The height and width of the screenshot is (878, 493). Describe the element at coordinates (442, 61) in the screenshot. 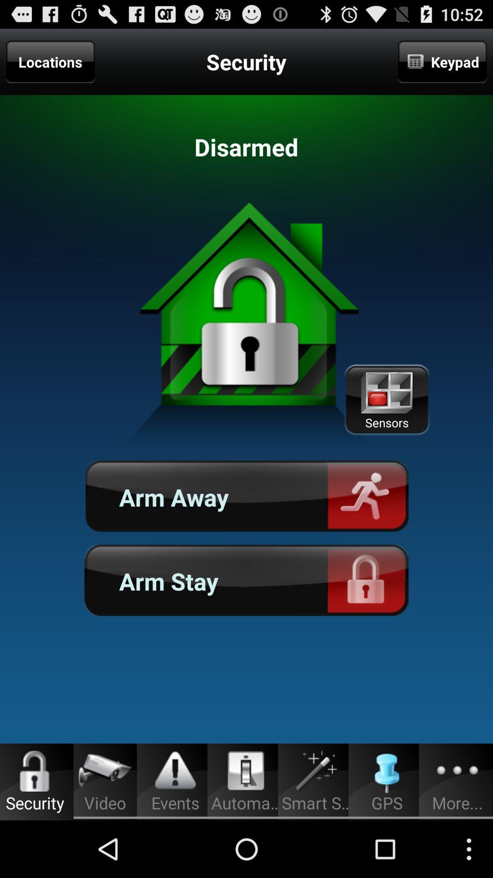

I see `keypad` at that location.